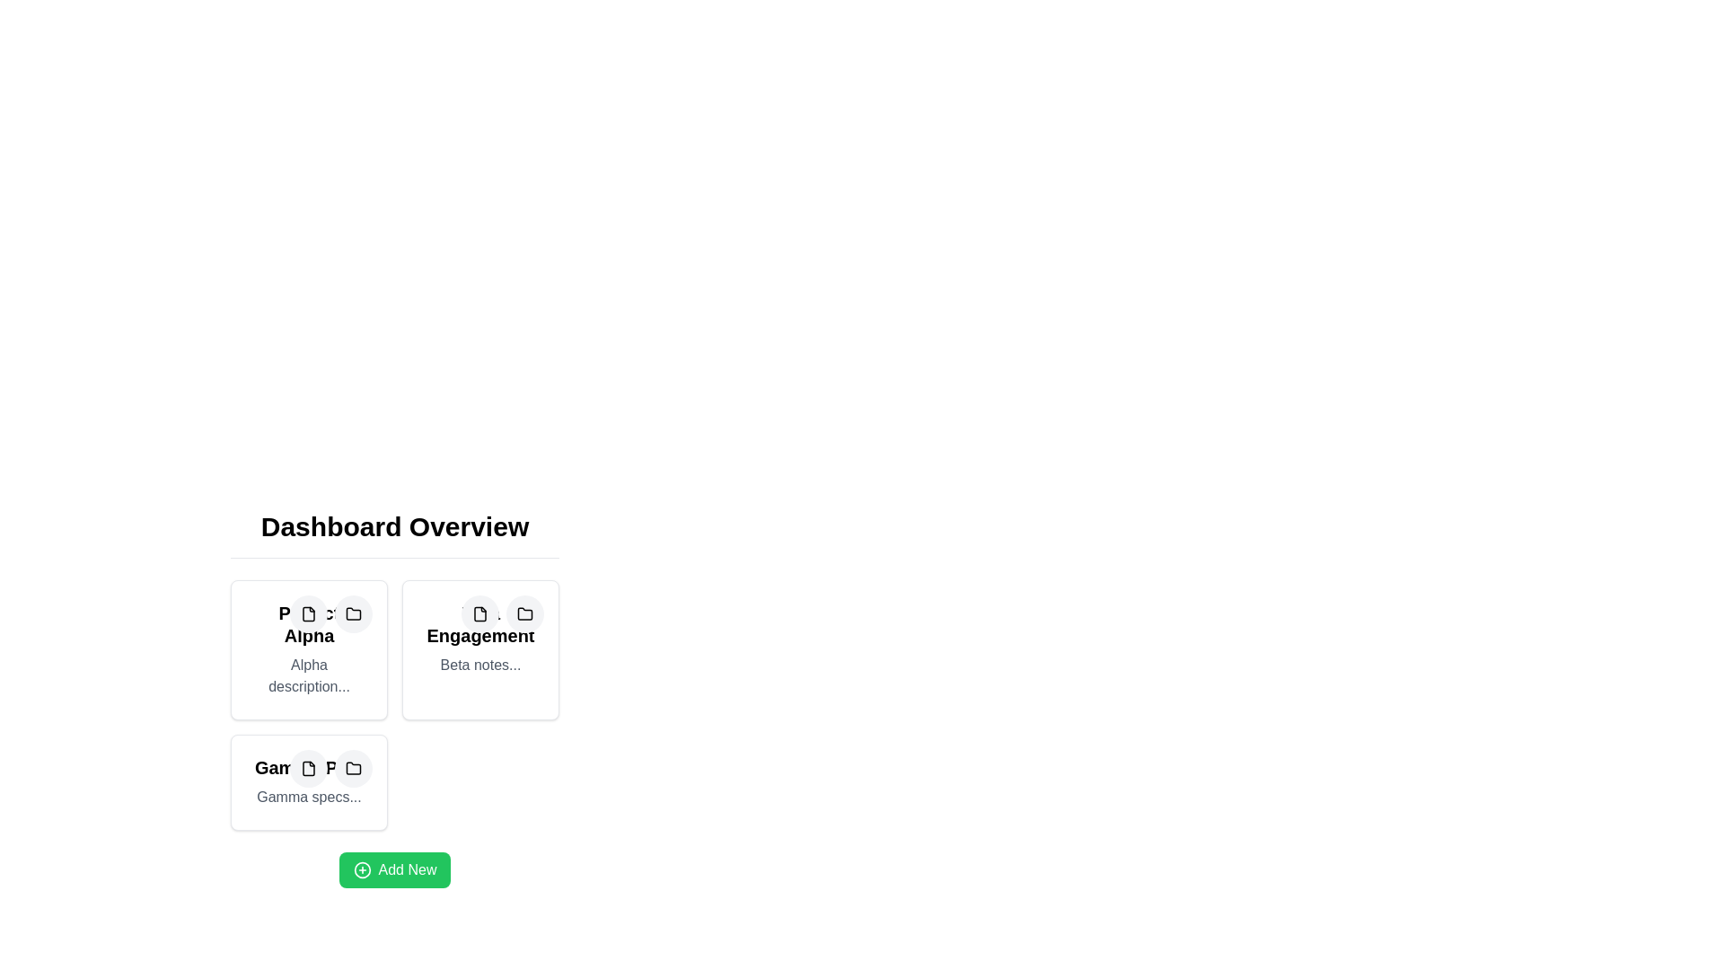 This screenshot has height=970, width=1724. Describe the element at coordinates (361, 869) in the screenshot. I see `the 'add' action icon, which is represented by a circle symbol within a larger icon, located on the green rectangular button labeled 'Add New' at the bottom of the main card layout` at that location.